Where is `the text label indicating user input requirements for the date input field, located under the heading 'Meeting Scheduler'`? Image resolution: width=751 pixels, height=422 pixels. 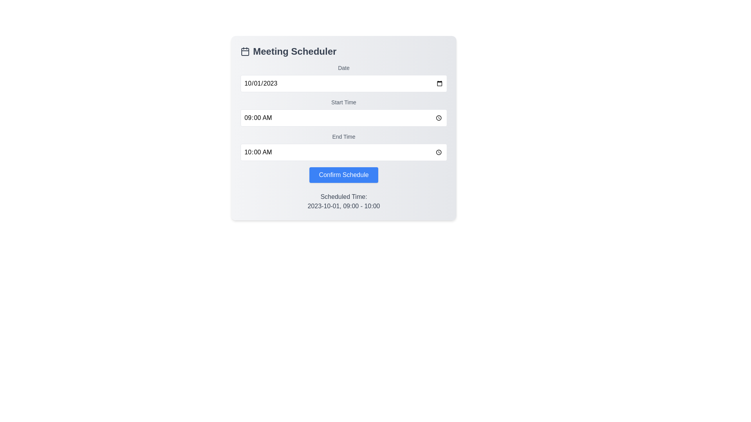 the text label indicating user input requirements for the date input field, located under the heading 'Meeting Scheduler' is located at coordinates (343, 67).